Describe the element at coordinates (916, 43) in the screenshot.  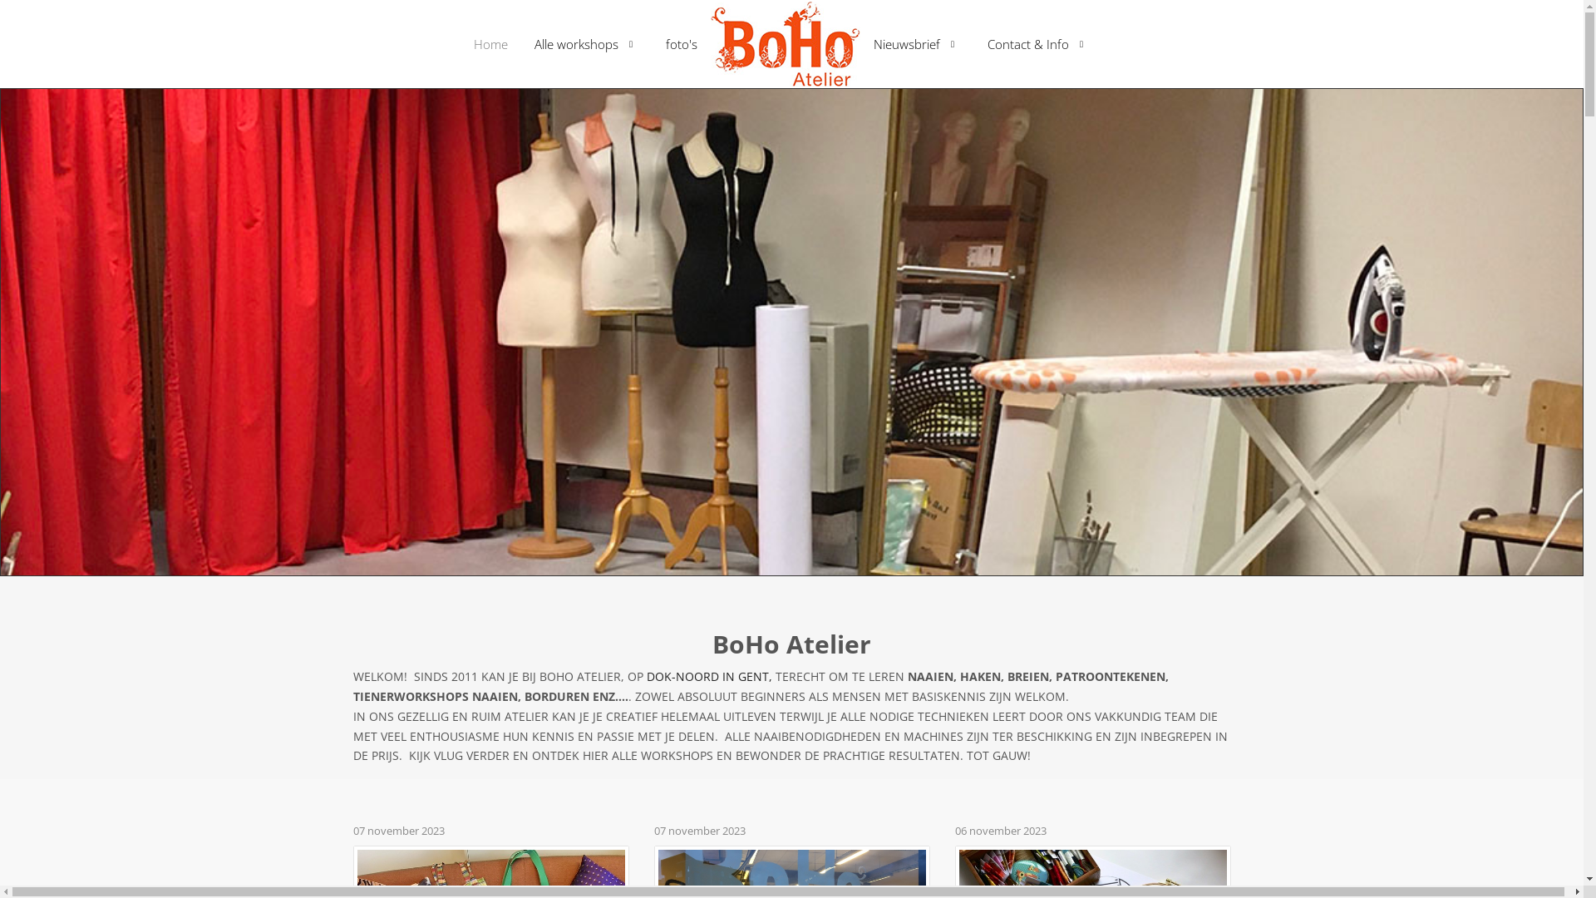
I see `'Nieuwsbrief'` at that location.